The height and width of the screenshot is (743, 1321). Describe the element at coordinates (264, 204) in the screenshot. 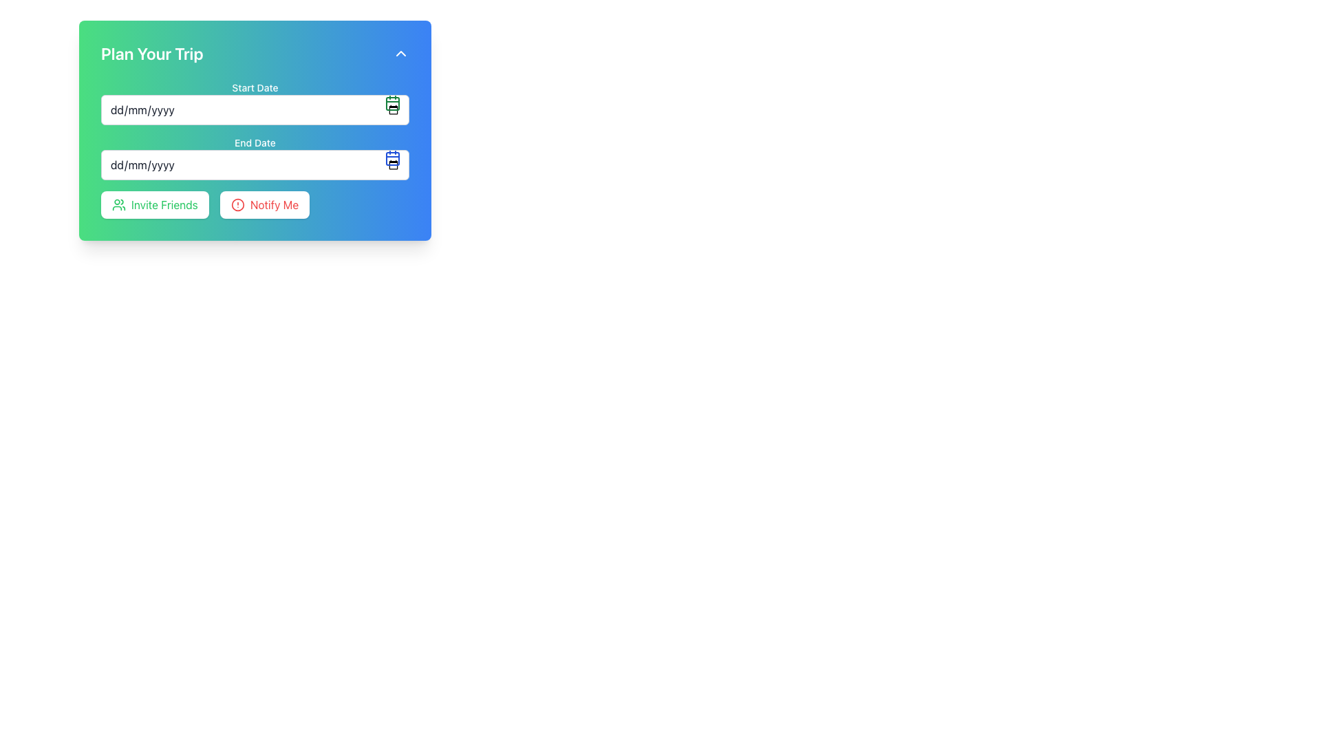

I see `the notification button, which is the second button in the horizontal layout following the 'Invite Friends' button` at that location.